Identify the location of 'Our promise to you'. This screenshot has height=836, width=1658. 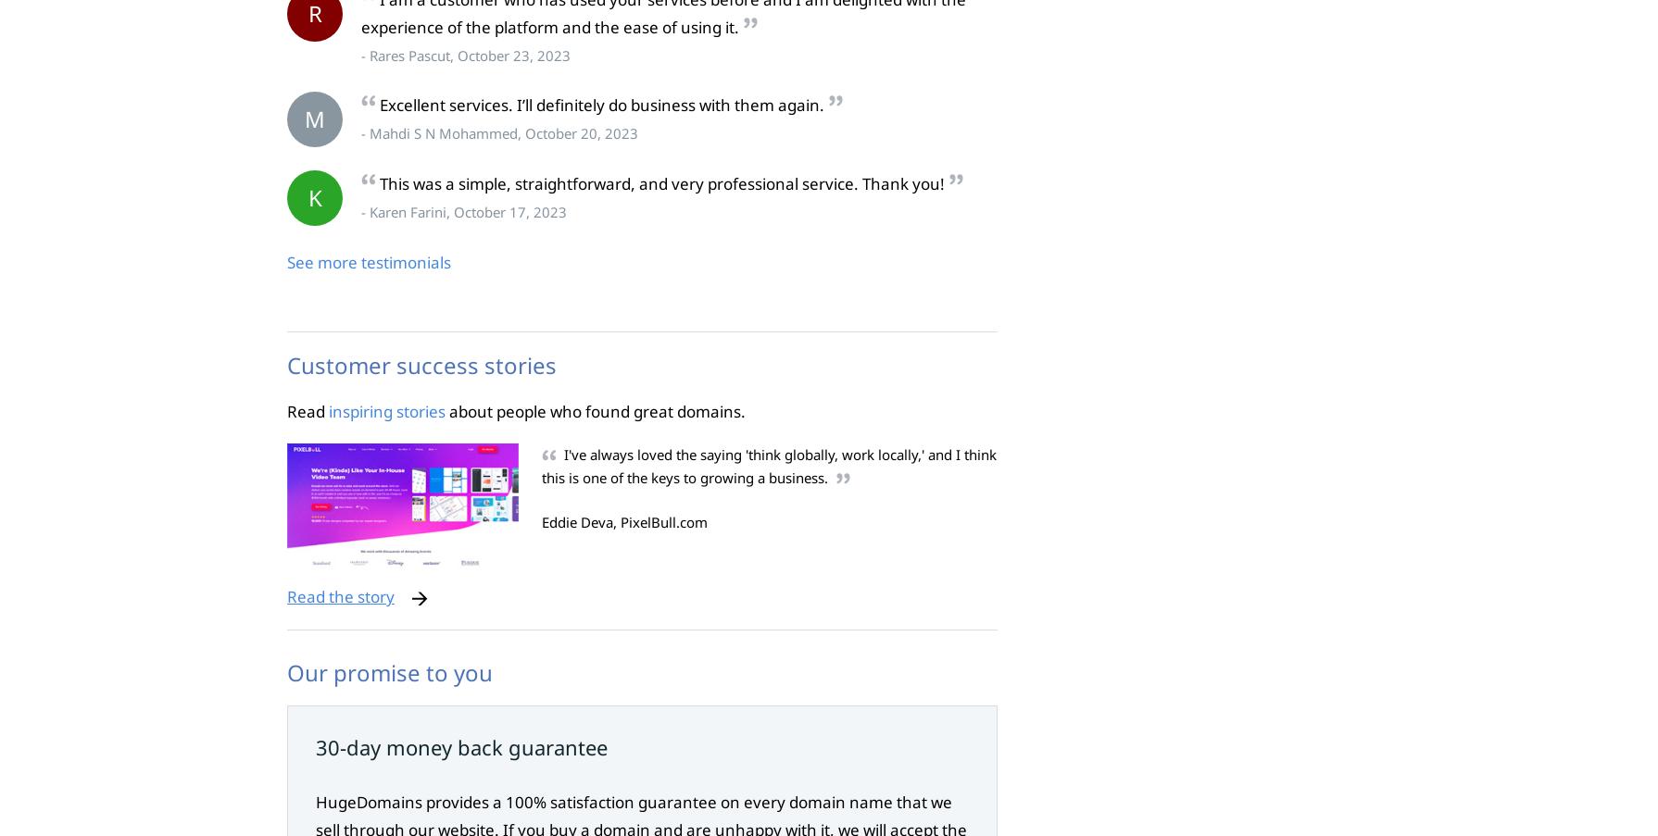
(390, 672).